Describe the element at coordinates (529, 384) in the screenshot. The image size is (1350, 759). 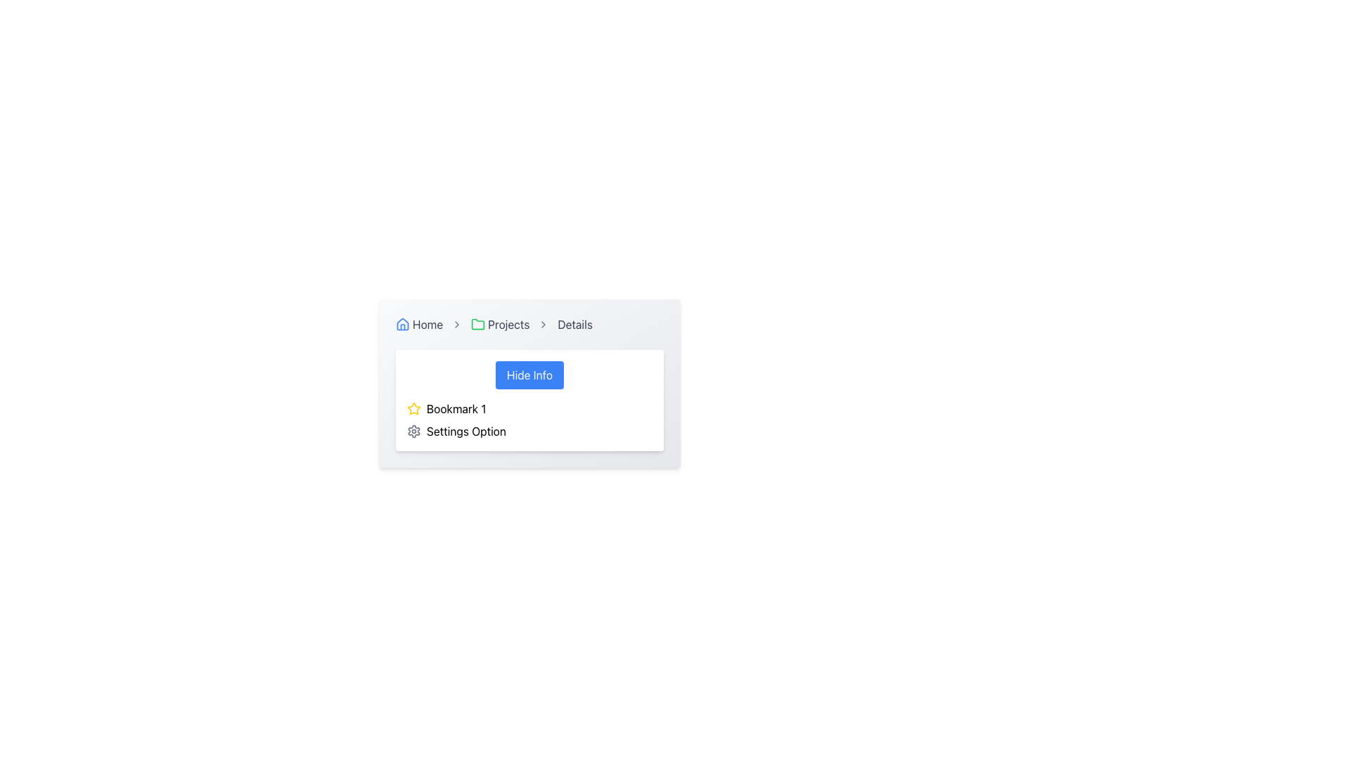
I see `the toggle button below the breadcrumb navigation to show or hide additional information` at that location.